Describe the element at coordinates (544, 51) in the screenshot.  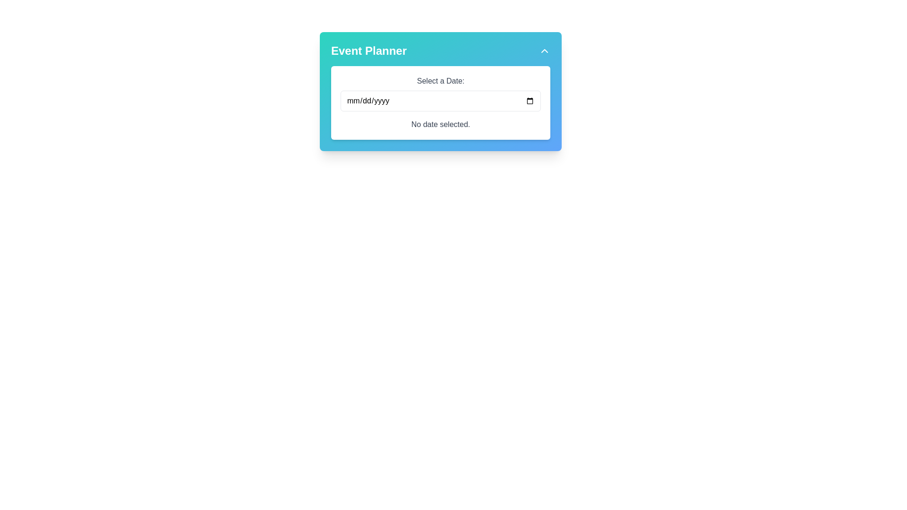
I see `the upward-pointing chevron icon button located in the title section of the 'Event Planner' card` at that location.